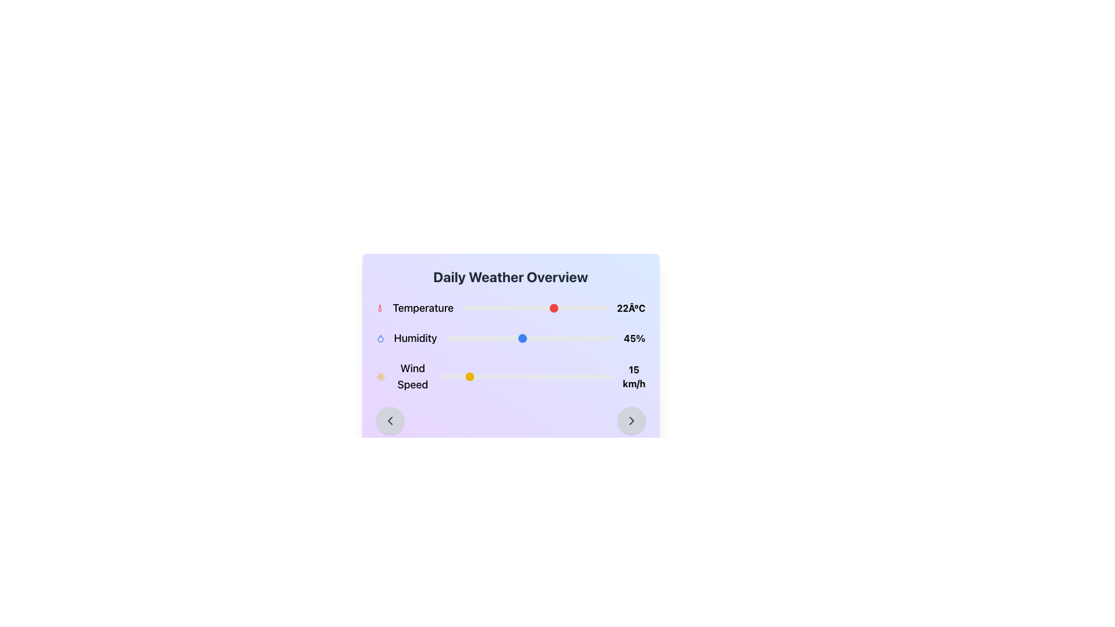 The image size is (1115, 627). I want to click on the left arrow of the navigation buttons located at the bottom of the weather overview card, so click(510, 421).